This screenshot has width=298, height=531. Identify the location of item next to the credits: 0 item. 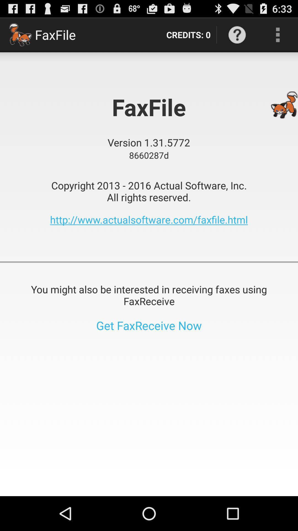
(237, 34).